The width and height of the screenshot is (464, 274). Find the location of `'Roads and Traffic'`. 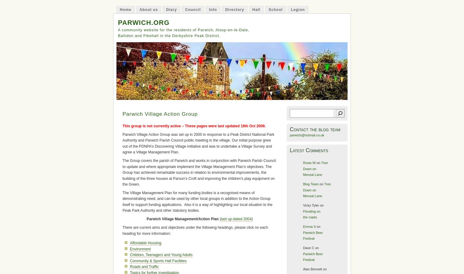

'Roads and Traffic' is located at coordinates (144, 267).